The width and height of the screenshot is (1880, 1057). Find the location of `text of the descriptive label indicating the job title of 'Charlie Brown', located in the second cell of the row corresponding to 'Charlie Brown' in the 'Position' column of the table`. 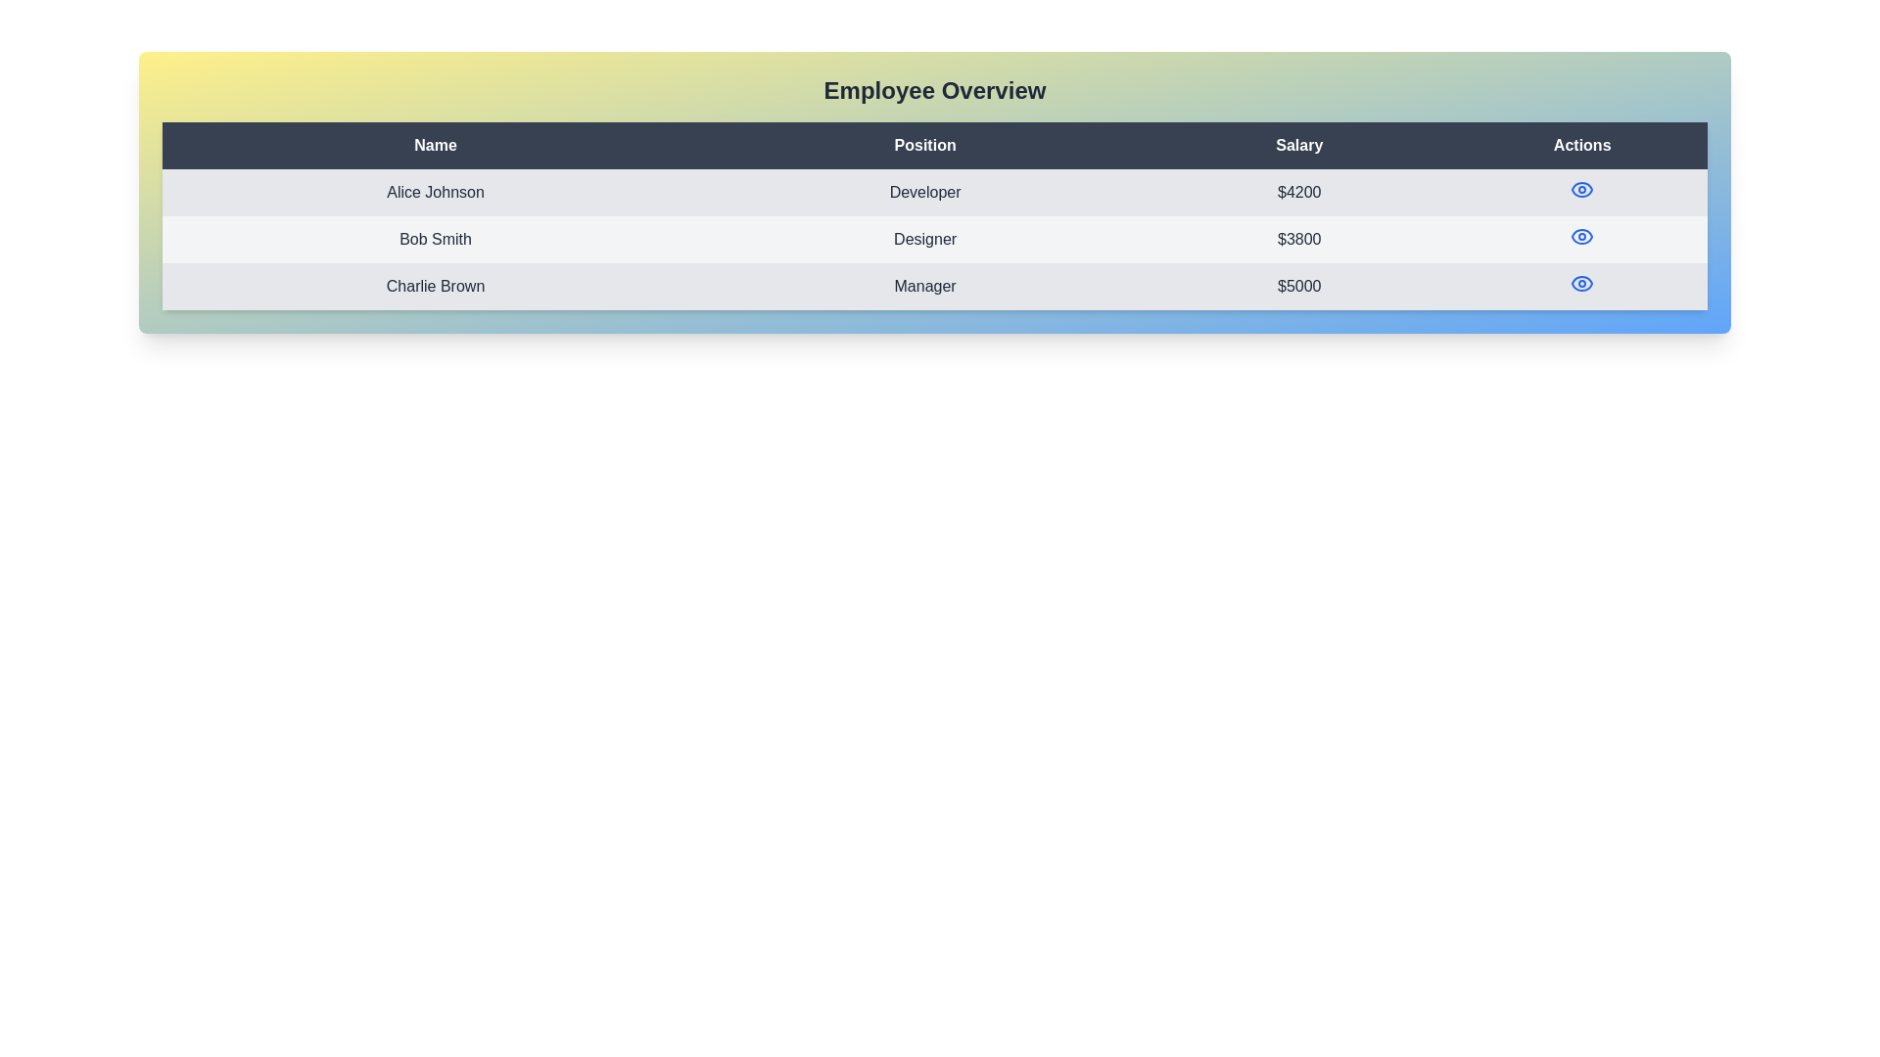

text of the descriptive label indicating the job title of 'Charlie Brown', located in the second cell of the row corresponding to 'Charlie Brown' in the 'Position' column of the table is located at coordinates (924, 287).